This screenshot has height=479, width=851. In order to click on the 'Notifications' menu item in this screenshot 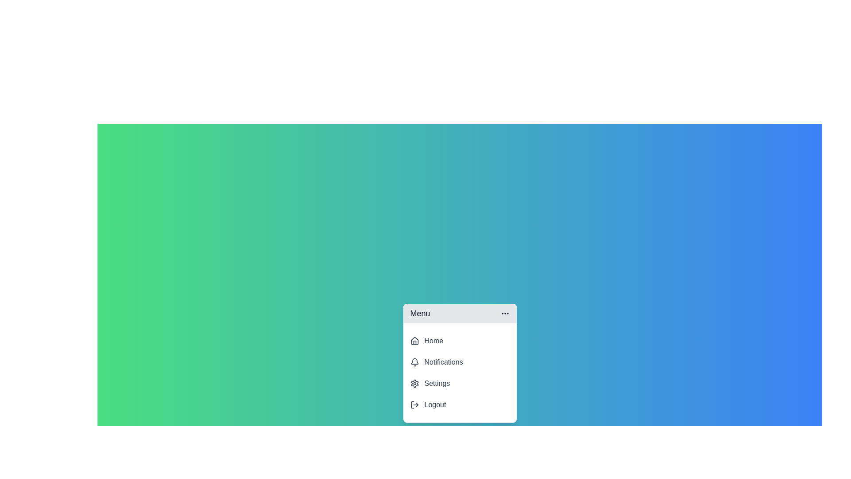, I will do `click(460, 362)`.